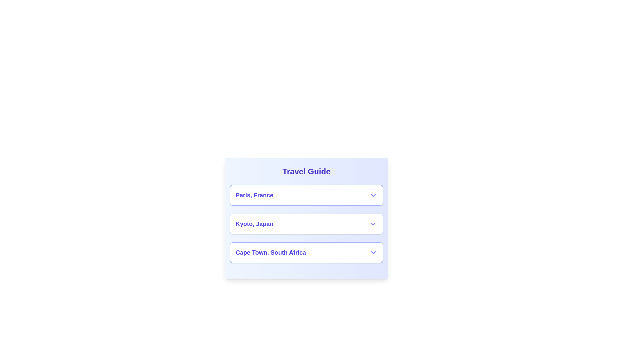 This screenshot has width=640, height=360. I want to click on the downward-pointing chevron-shaped indigo icon located to the far right of 'Kyoto, Japan', so click(373, 224).